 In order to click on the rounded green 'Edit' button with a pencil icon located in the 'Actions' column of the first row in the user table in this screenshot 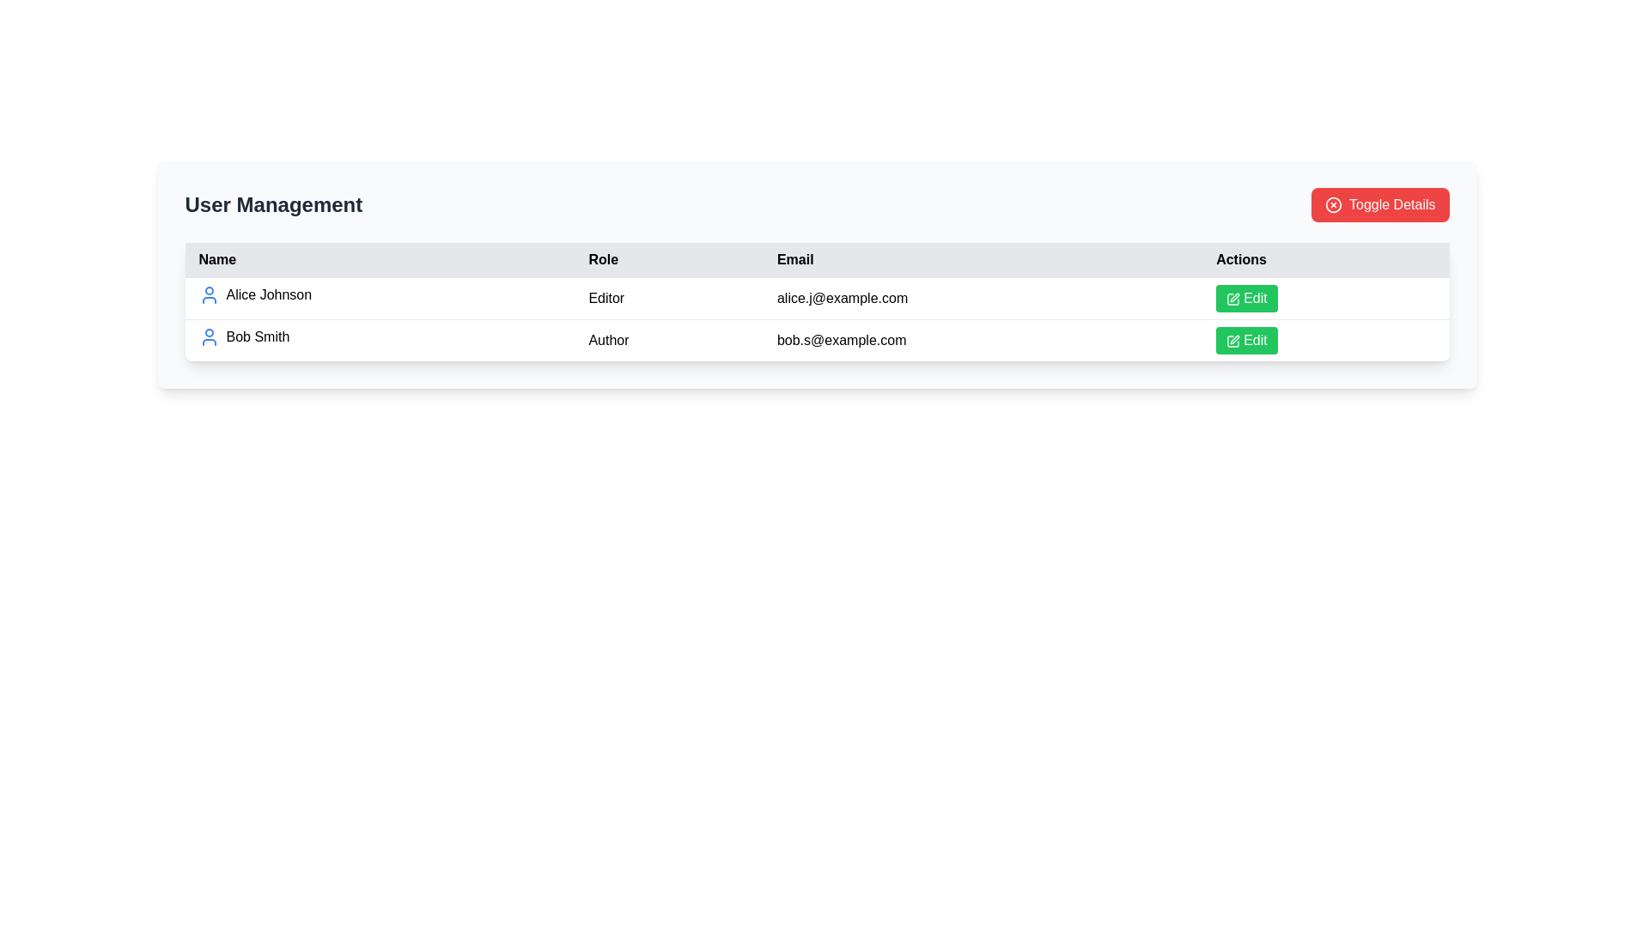, I will do `click(1246, 297)`.